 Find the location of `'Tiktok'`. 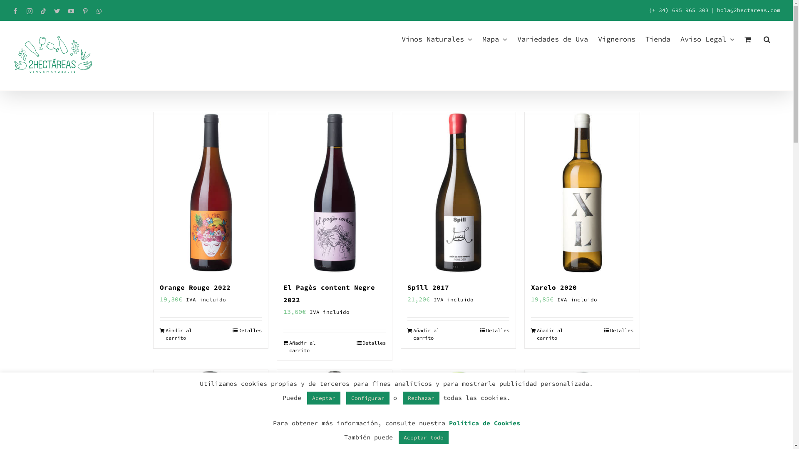

'Tiktok' is located at coordinates (43, 11).